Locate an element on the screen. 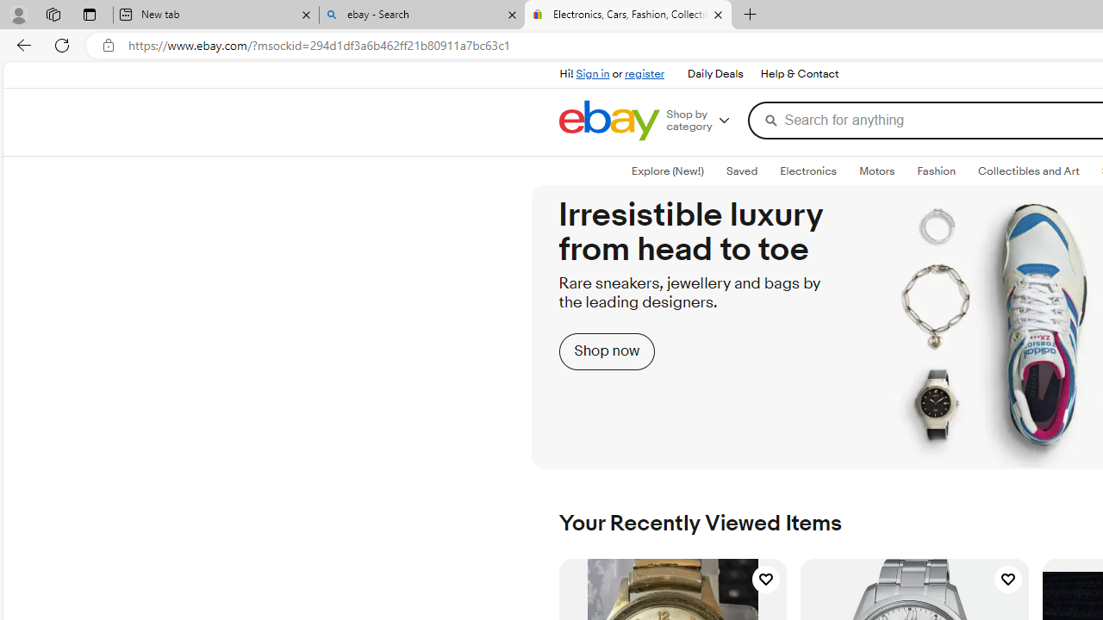 The height and width of the screenshot is (620, 1103). 'ebay - Search' is located at coordinates (422, 15).